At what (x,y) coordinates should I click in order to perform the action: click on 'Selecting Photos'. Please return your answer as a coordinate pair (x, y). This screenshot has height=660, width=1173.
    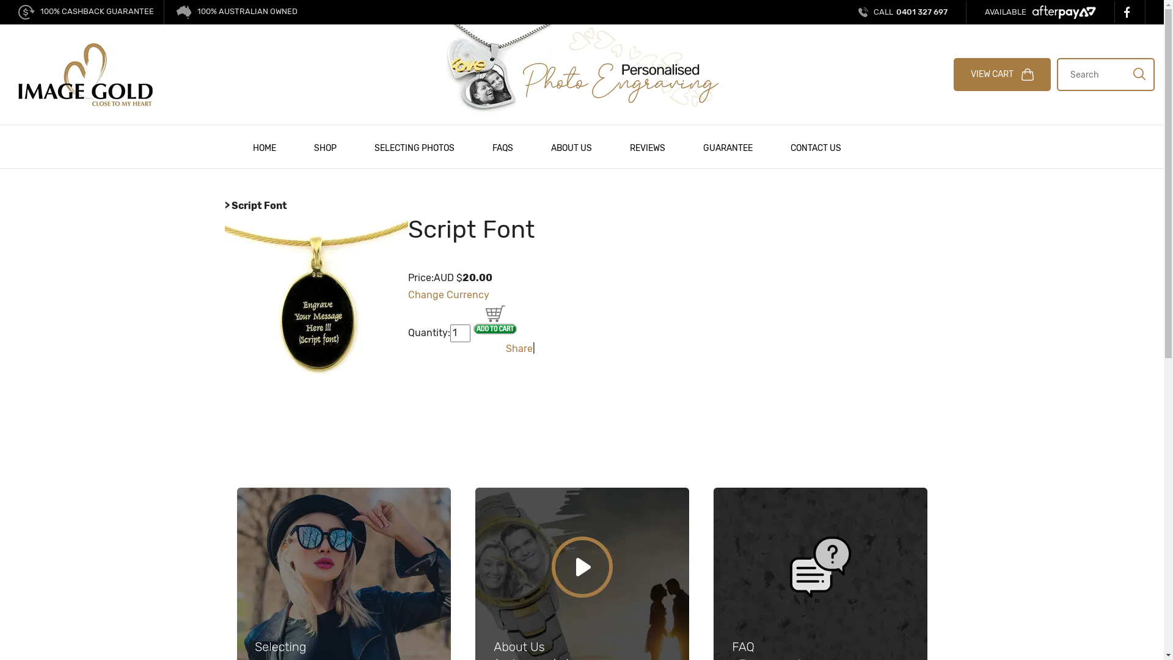
    Looking at the image, I should click on (343, 593).